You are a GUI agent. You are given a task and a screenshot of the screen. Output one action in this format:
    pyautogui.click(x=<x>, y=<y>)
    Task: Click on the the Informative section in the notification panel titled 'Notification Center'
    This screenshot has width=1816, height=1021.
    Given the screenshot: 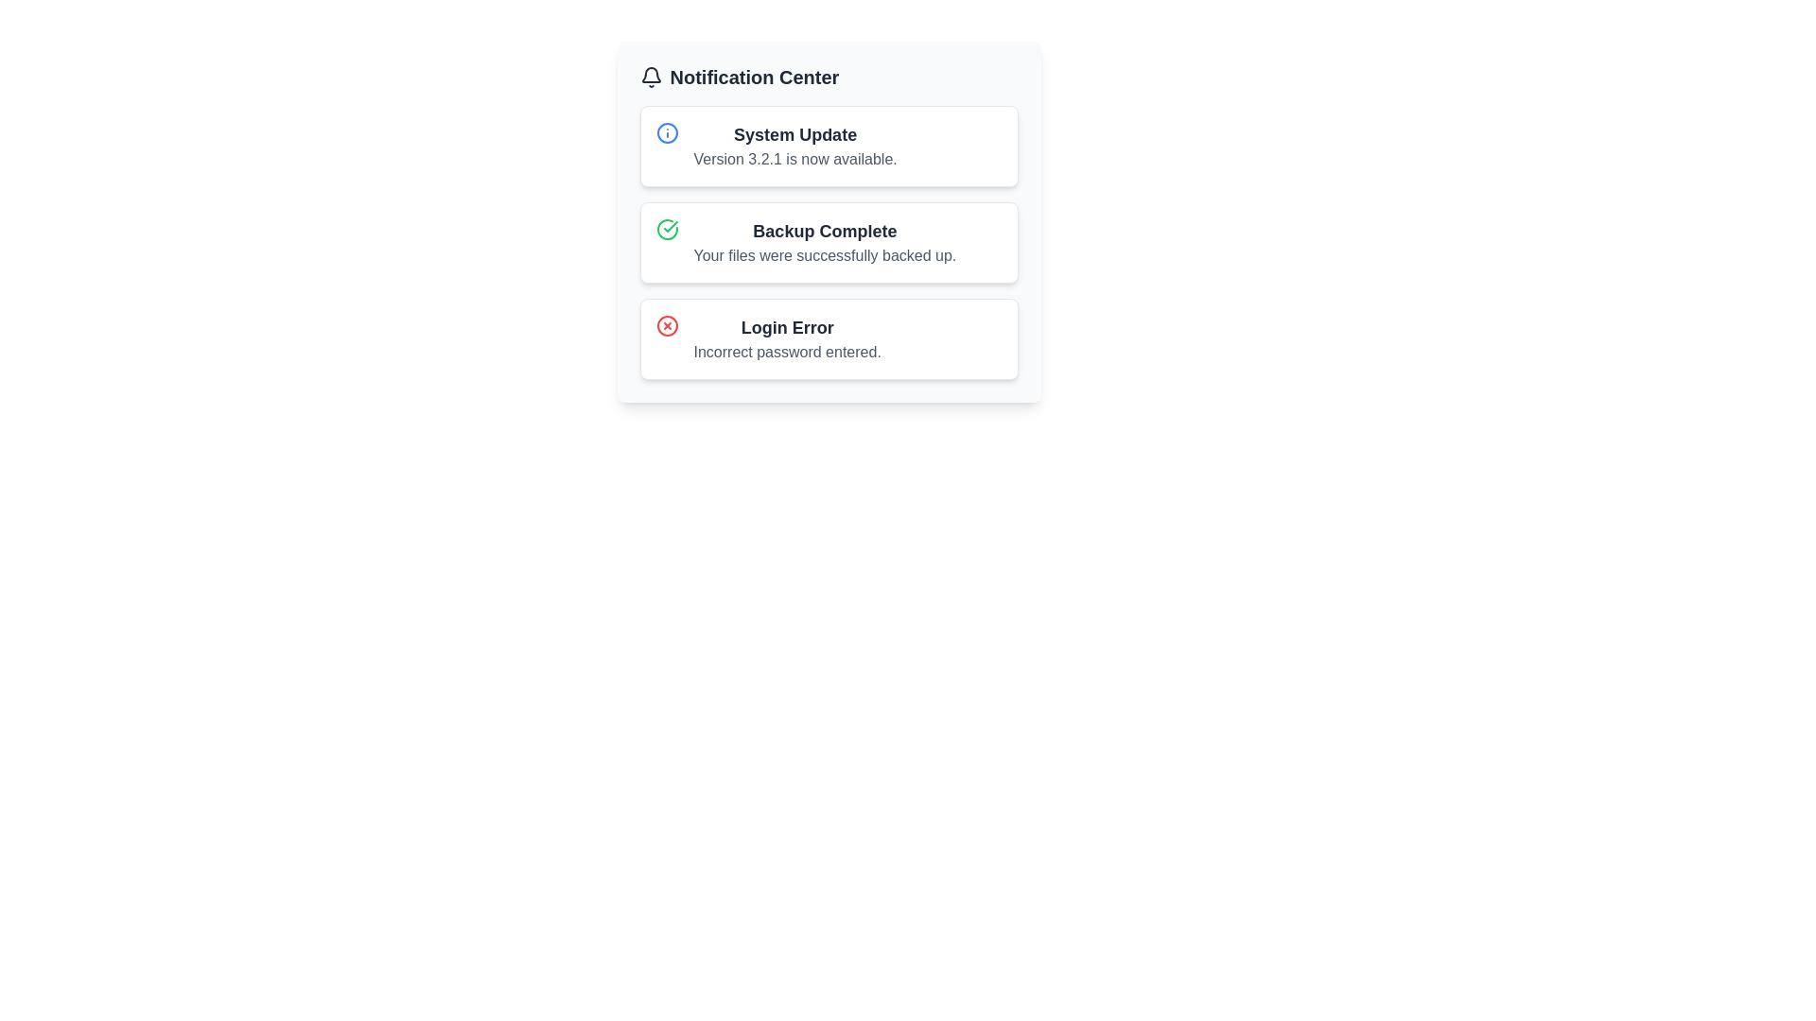 What is the action you would take?
    pyautogui.click(x=829, y=221)
    